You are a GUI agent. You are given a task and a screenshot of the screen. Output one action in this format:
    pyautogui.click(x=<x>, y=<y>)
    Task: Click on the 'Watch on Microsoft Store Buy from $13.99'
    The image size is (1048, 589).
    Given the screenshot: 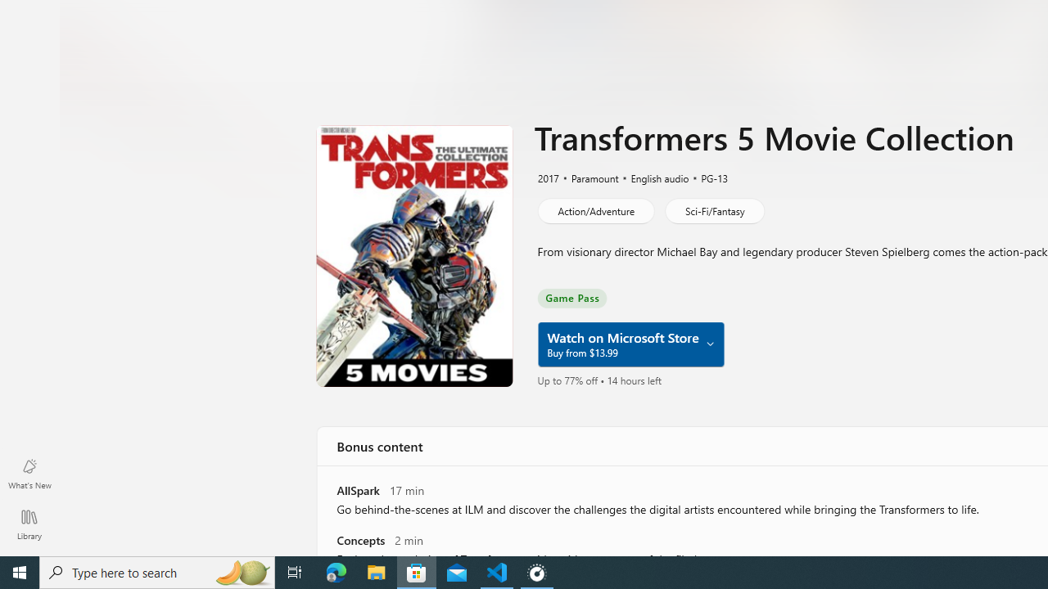 What is the action you would take?
    pyautogui.click(x=629, y=344)
    